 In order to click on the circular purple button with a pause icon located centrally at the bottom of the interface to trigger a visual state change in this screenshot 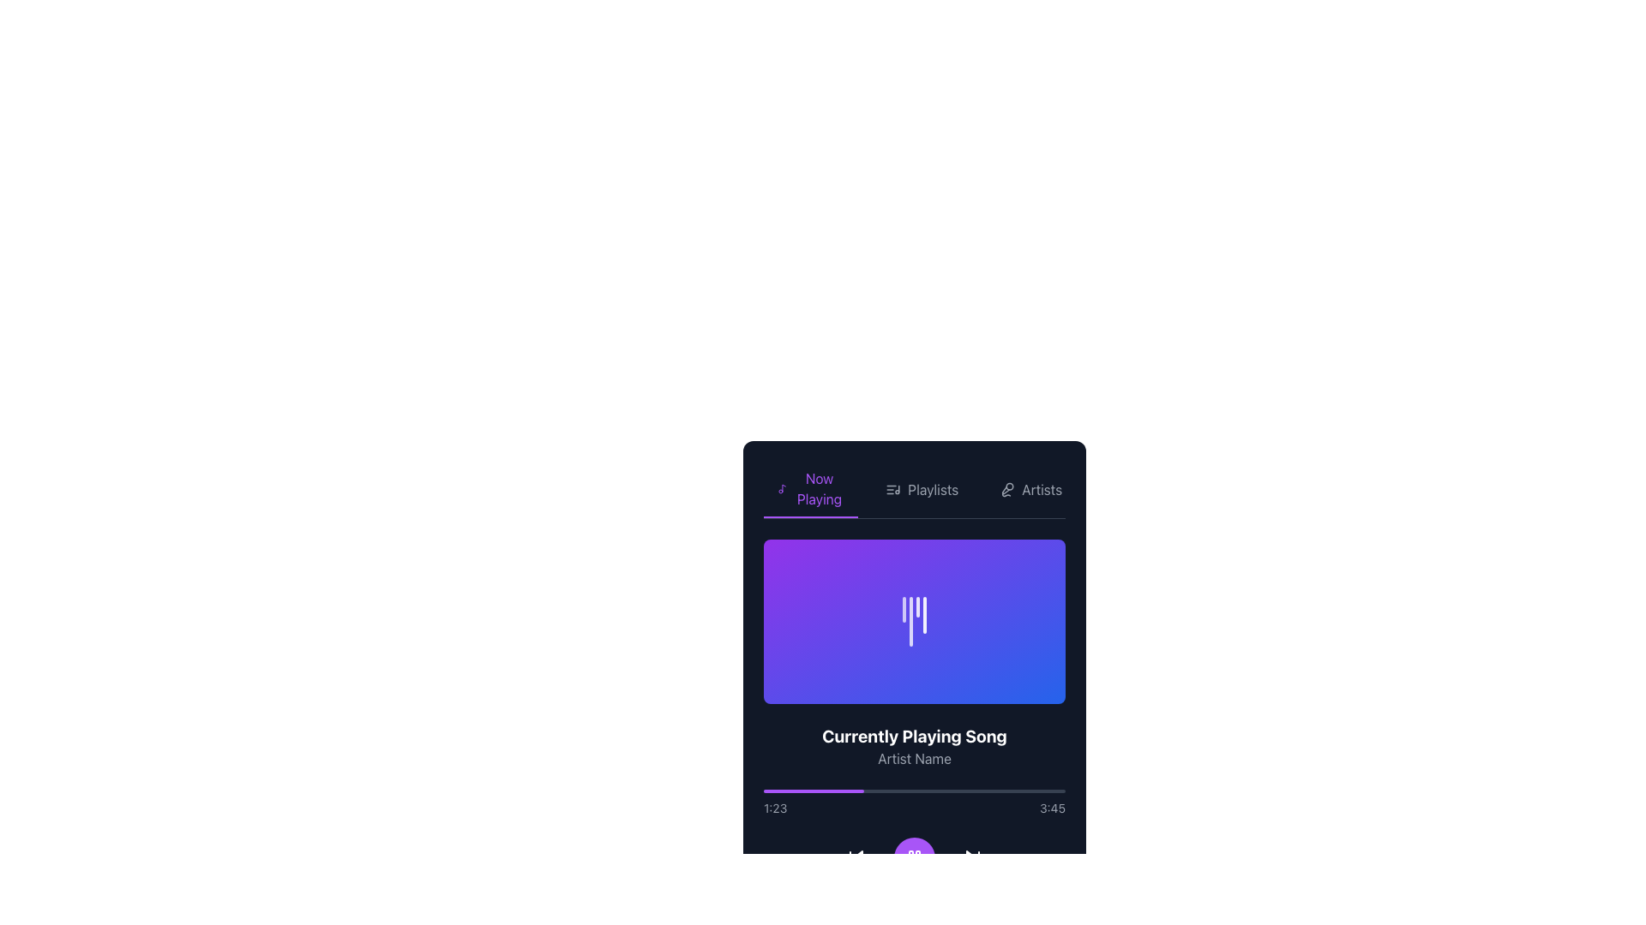, I will do `click(913, 858)`.